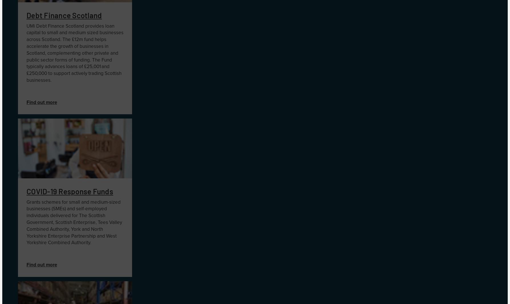 The width and height of the screenshot is (510, 304). What do you see at coordinates (69, 228) in the screenshot?
I see `','` at bounding box center [69, 228].